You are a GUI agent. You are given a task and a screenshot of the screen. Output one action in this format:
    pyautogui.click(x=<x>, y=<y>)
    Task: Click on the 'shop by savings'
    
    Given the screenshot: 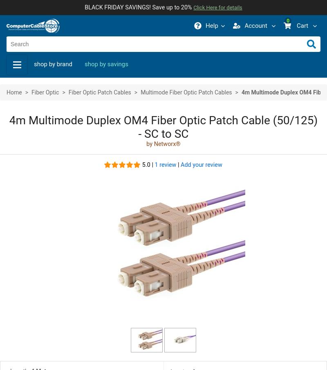 What is the action you would take?
    pyautogui.click(x=84, y=64)
    